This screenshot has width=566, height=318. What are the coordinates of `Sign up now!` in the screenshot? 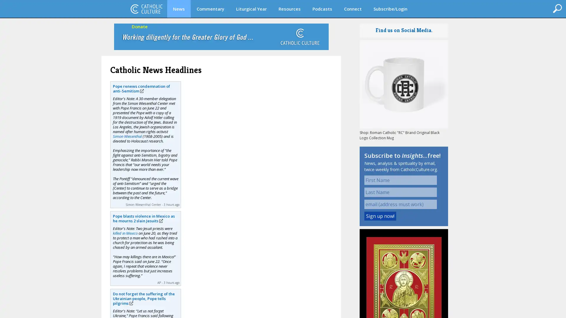 It's located at (380, 216).